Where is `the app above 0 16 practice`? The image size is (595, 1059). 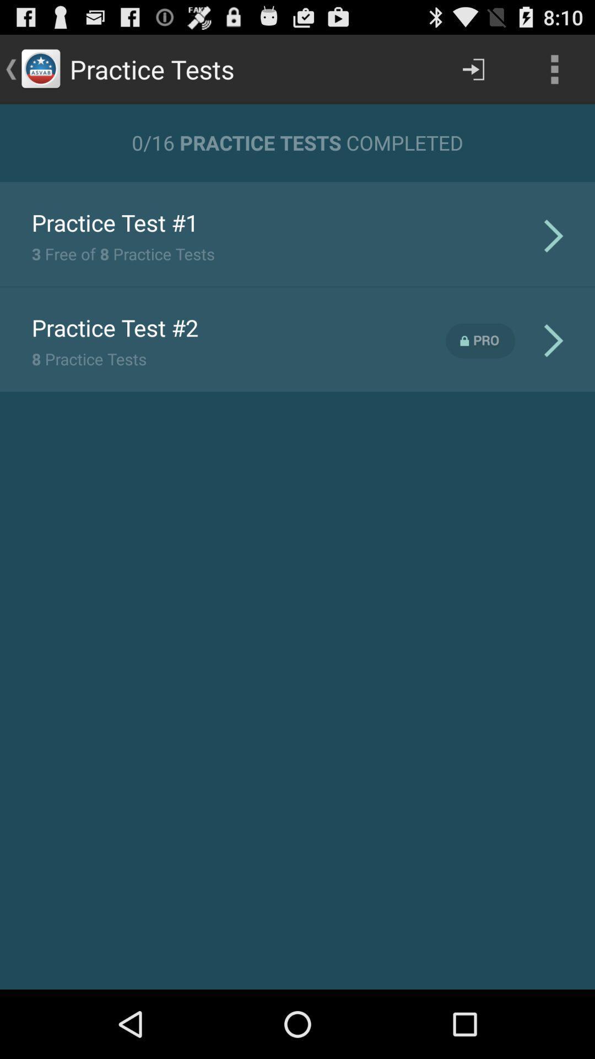
the app above 0 16 practice is located at coordinates (554, 68).